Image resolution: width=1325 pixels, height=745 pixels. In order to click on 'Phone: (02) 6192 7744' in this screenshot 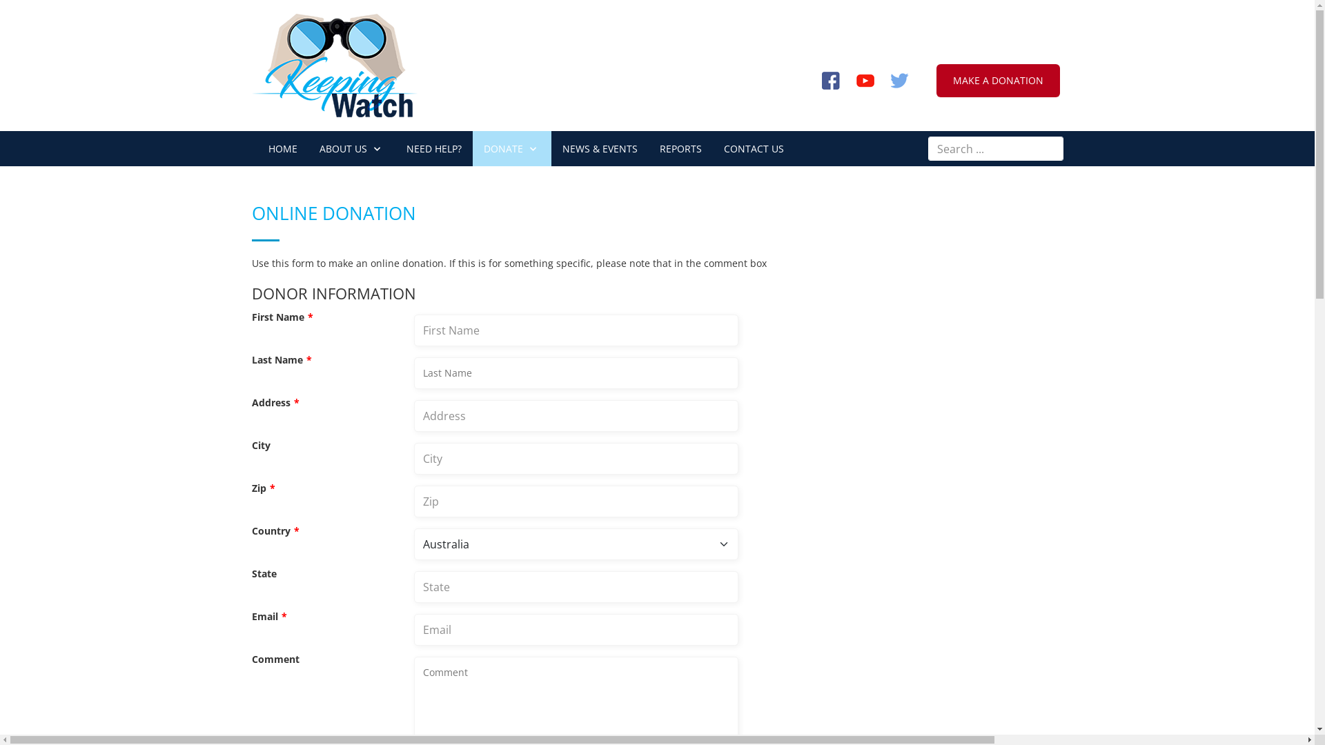, I will do `click(940, 14)`.